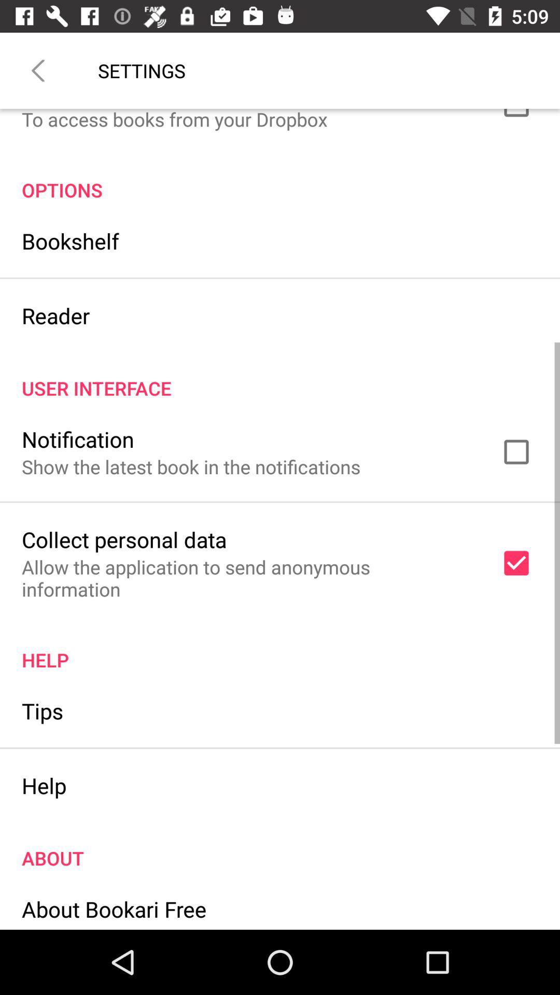 The width and height of the screenshot is (560, 995). What do you see at coordinates (280, 377) in the screenshot?
I see `item above the notification` at bounding box center [280, 377].